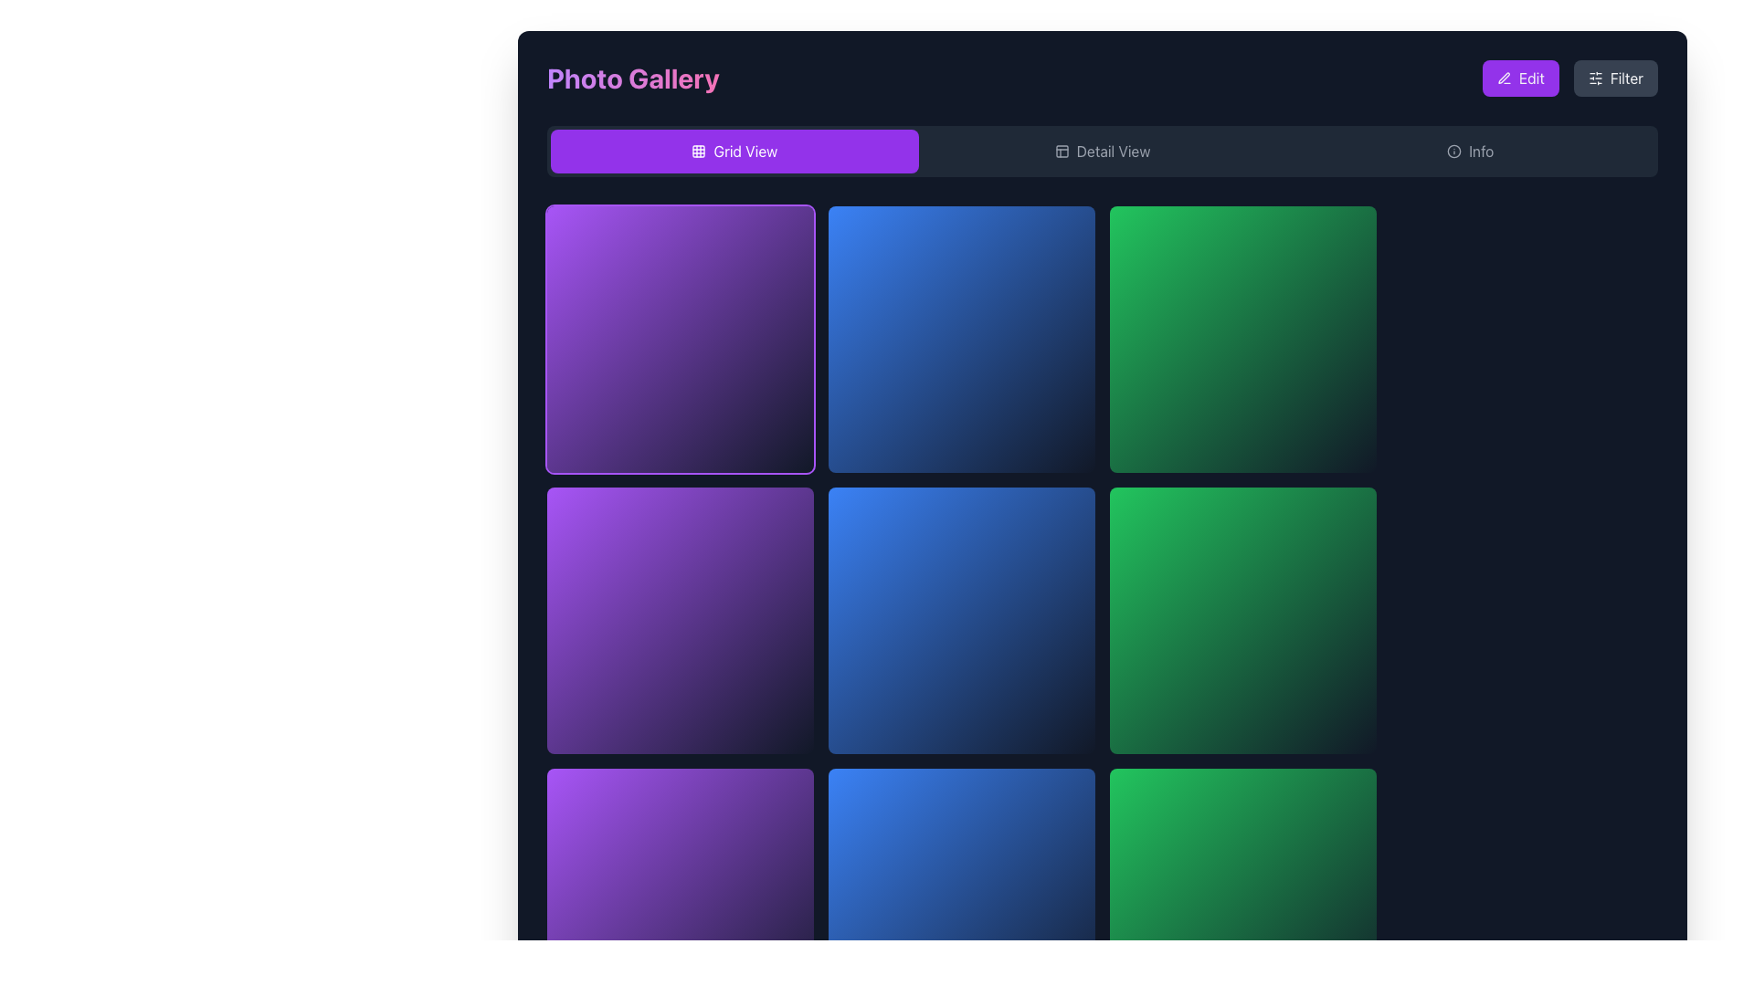 This screenshot has height=986, width=1754. Describe the element at coordinates (1453, 150) in the screenshot. I see `the information icon, which is a minimalistic gray SVG icon featuring a lowercase 'i', located to the left of the 'Info' text in the upper-right corner of the interface` at that location.